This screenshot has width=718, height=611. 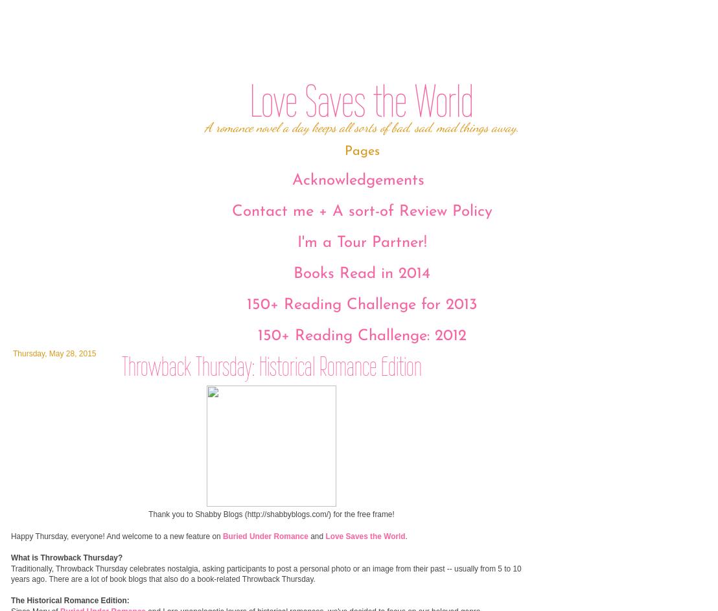 What do you see at coordinates (270, 514) in the screenshot?
I see `'Thank you to Shabby Blogs (http://shabbyblogs.com/) for the free frame!'` at bounding box center [270, 514].